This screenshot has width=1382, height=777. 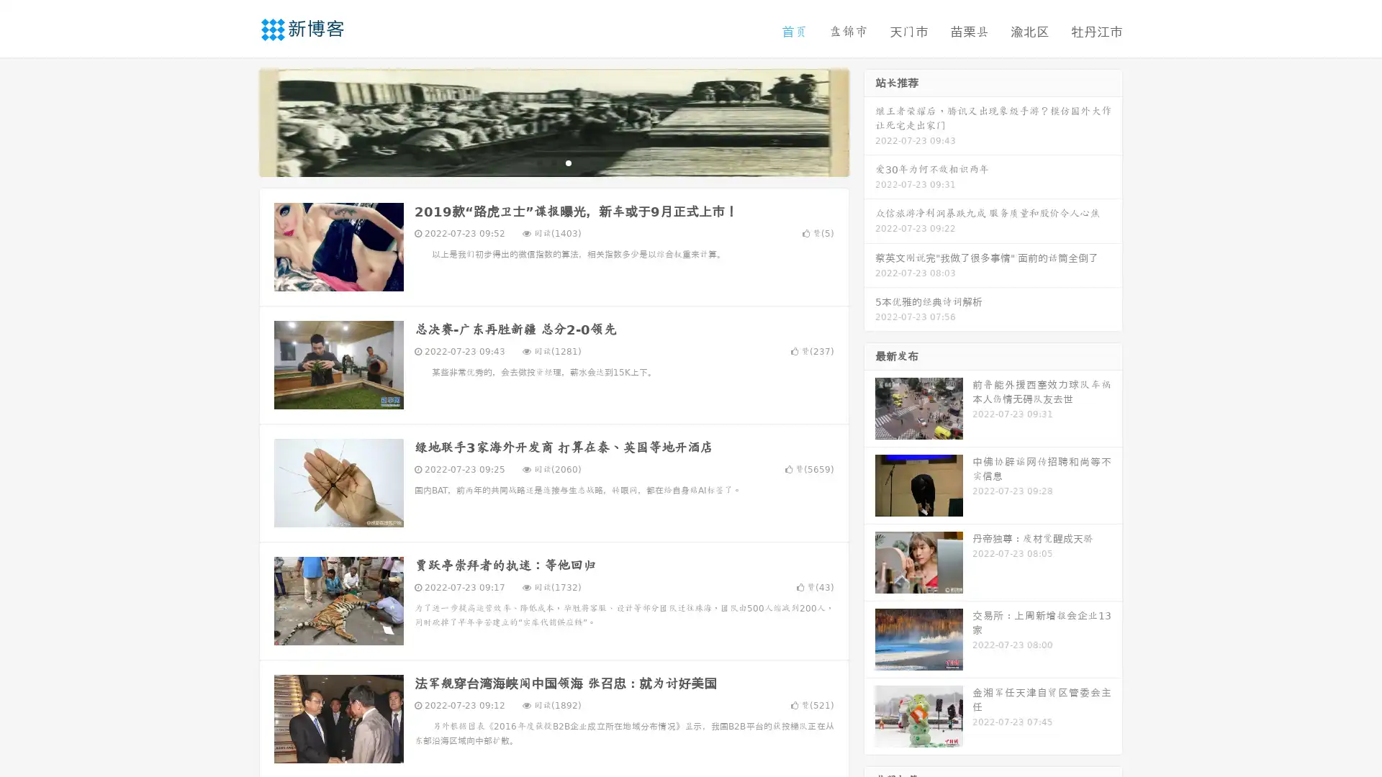 I want to click on Go to slide 3, so click(x=568, y=162).